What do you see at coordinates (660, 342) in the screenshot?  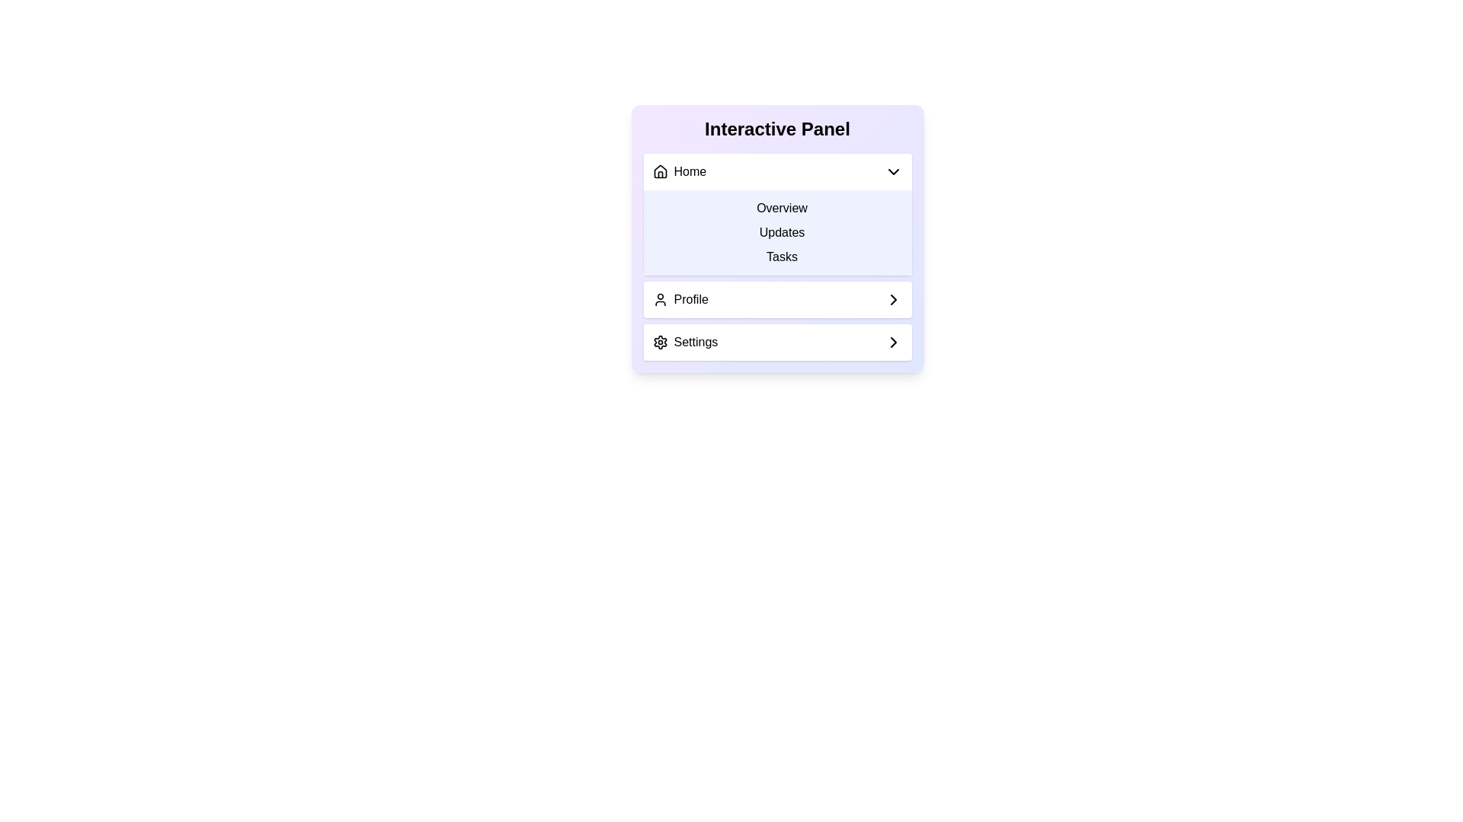 I see `the gear-shaped settings icon located at the bottom of the interactive panel next to the 'Settings' option` at bounding box center [660, 342].